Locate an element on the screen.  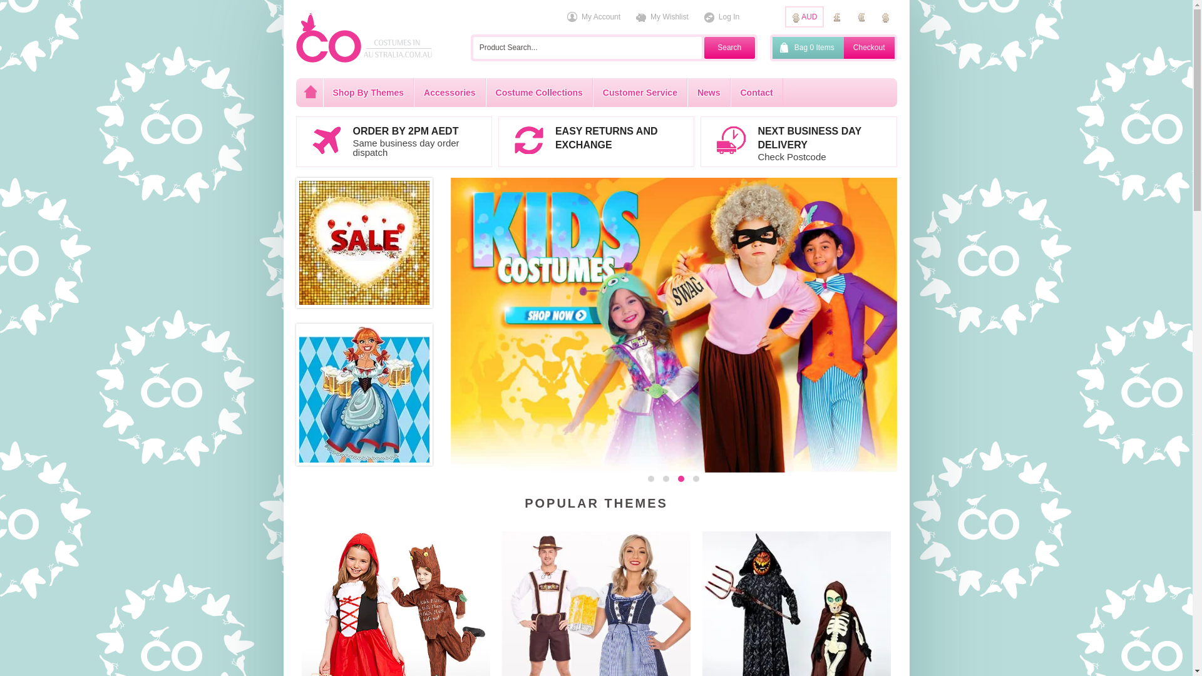
'News' is located at coordinates (709, 91).